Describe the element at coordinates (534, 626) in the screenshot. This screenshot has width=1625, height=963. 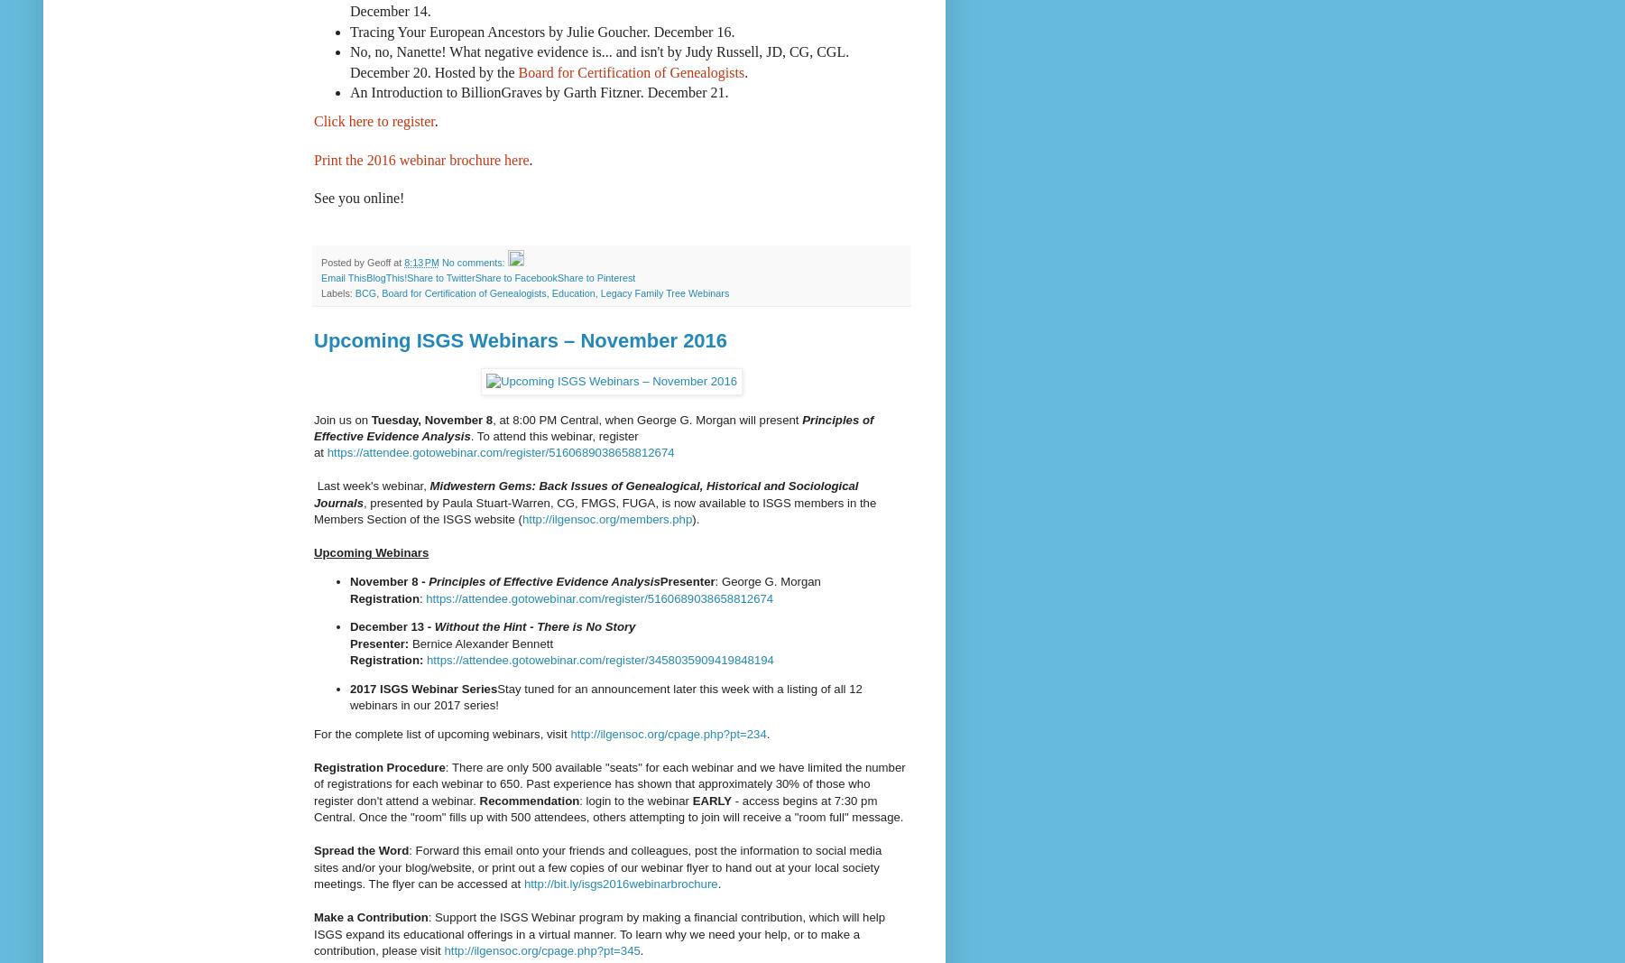
I see `'Without the Hint - There is No Story'` at that location.